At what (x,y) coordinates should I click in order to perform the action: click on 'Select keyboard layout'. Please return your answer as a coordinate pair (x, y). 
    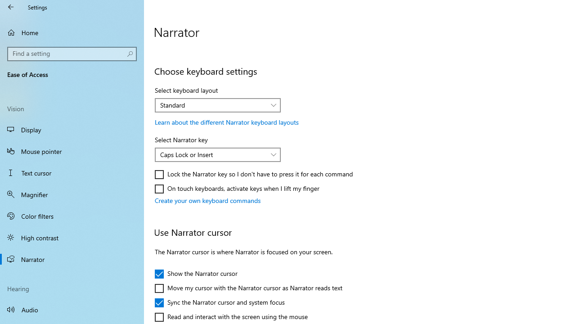
    Looking at the image, I should click on (218, 105).